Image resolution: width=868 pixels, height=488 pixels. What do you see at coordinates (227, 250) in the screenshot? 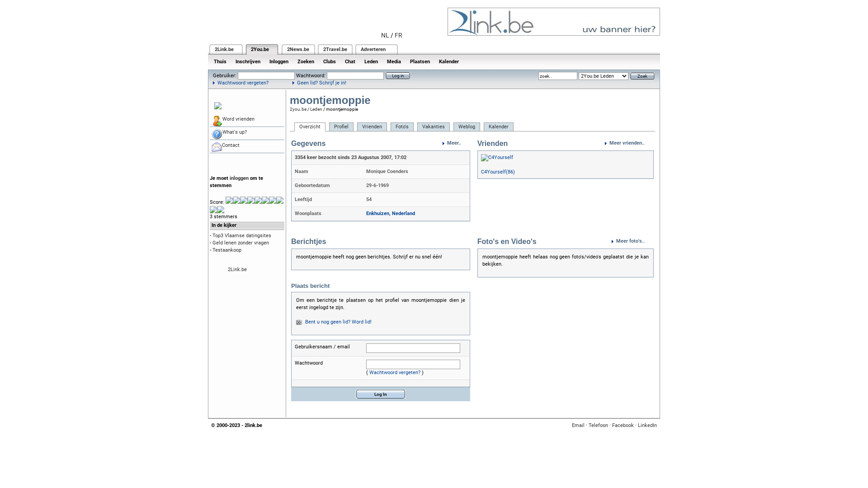
I see `'Testaankoop'` at bounding box center [227, 250].